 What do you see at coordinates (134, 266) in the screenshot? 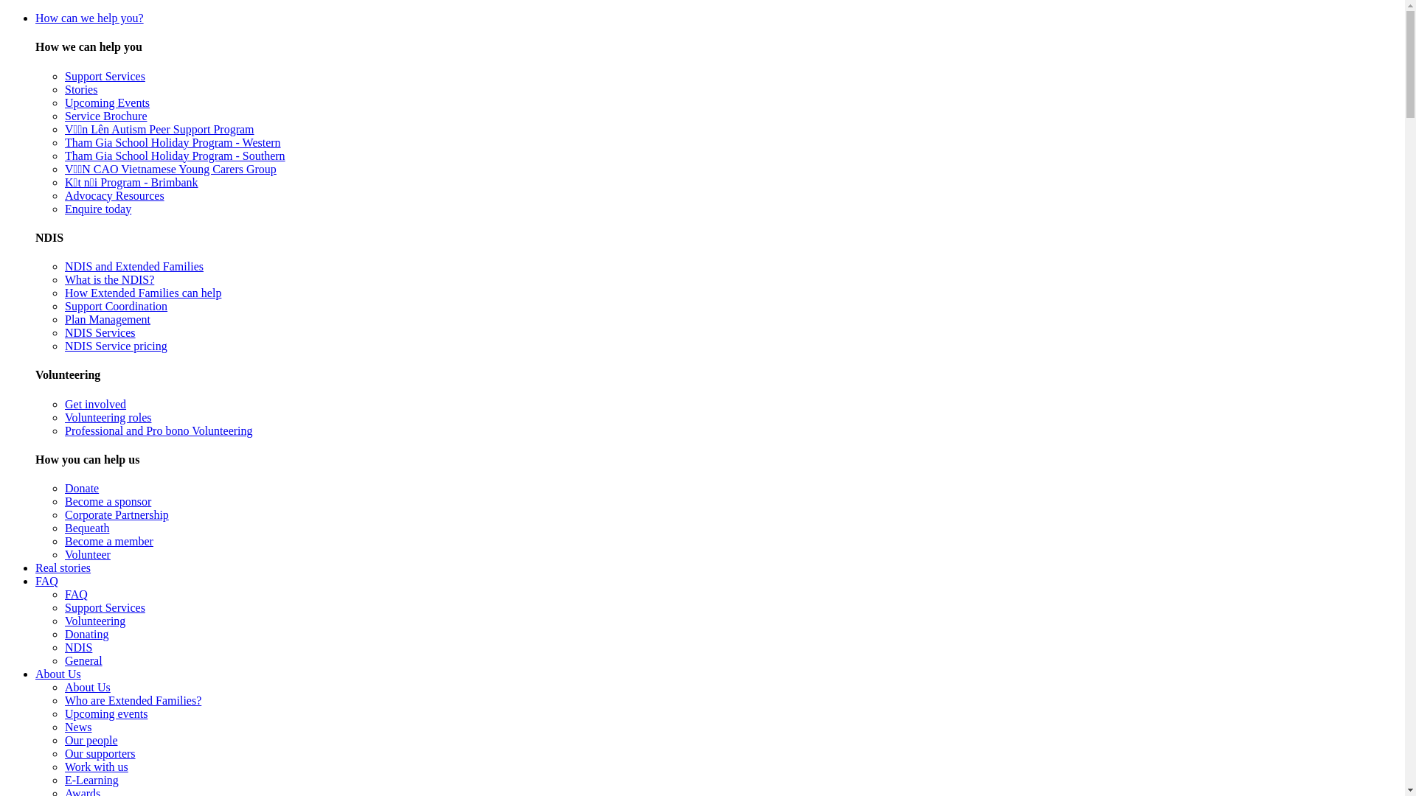
I see `'NDIS and Extended Families'` at bounding box center [134, 266].